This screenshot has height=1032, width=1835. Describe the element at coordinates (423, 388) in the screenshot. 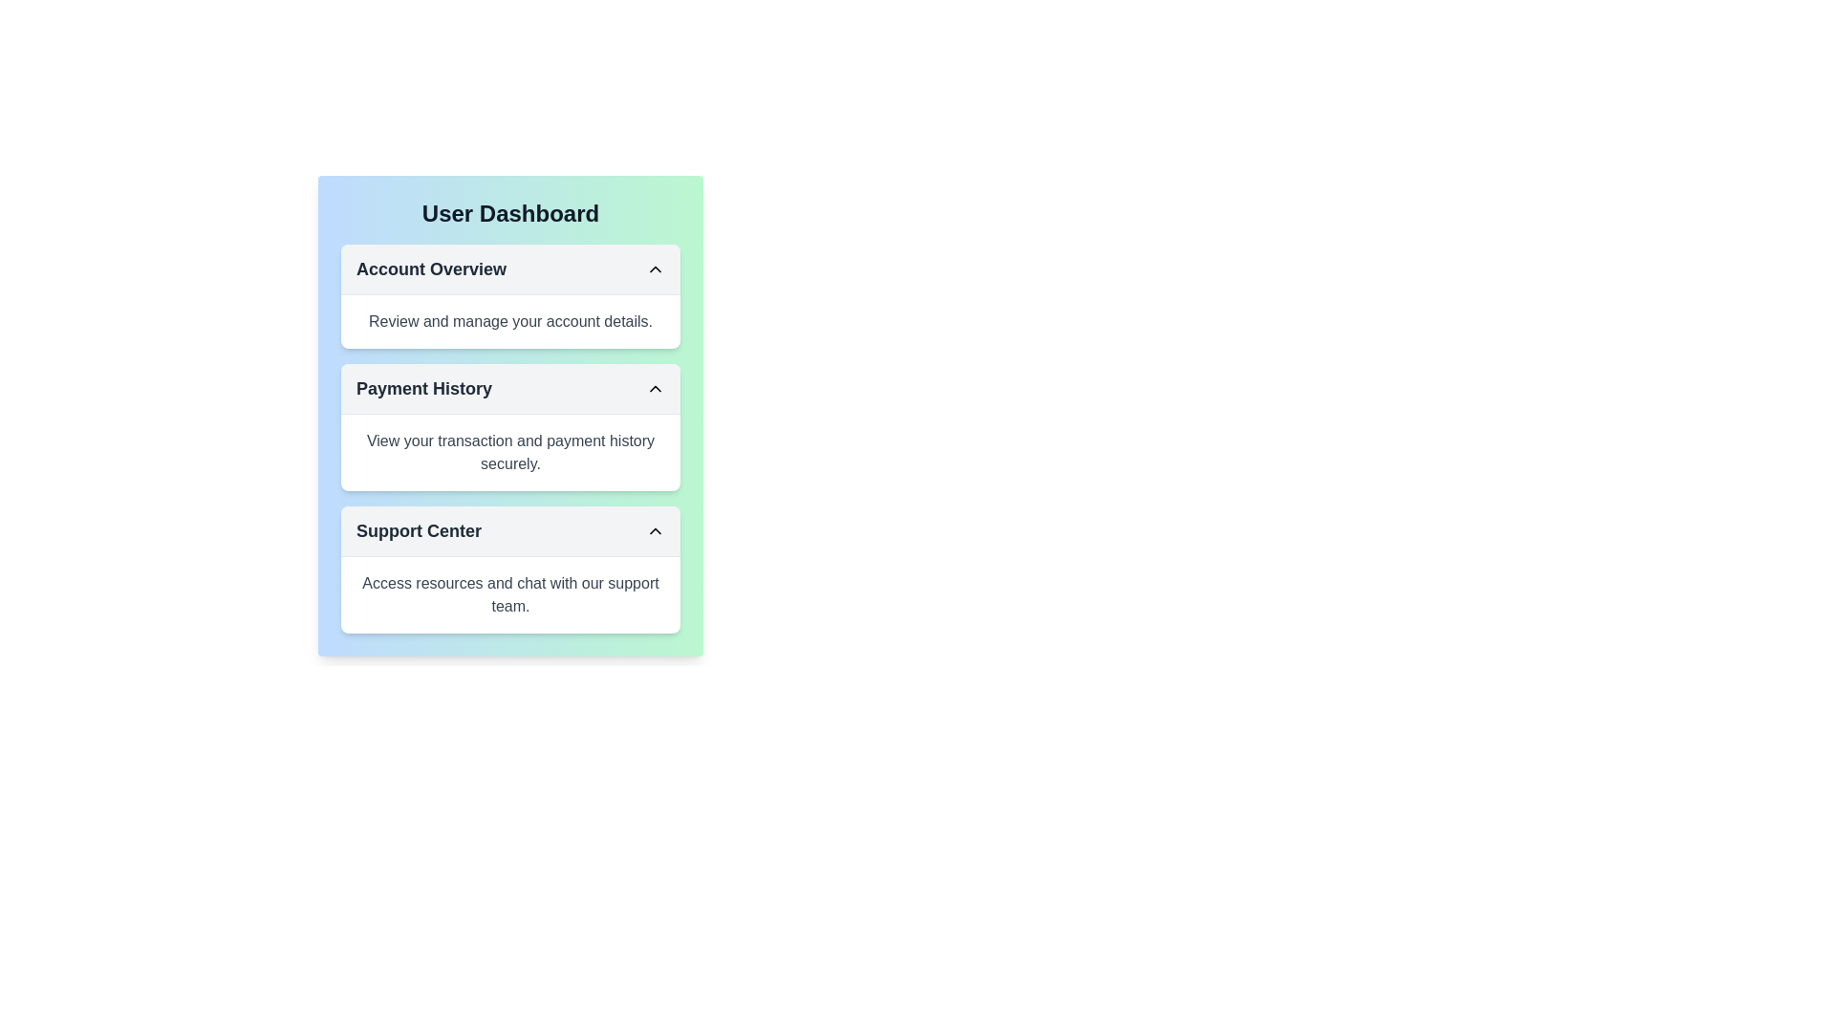

I see `the bold text label displaying 'Payment History' in dark gray color, which is centrally positioned in the second section of the User Dashboard` at that location.